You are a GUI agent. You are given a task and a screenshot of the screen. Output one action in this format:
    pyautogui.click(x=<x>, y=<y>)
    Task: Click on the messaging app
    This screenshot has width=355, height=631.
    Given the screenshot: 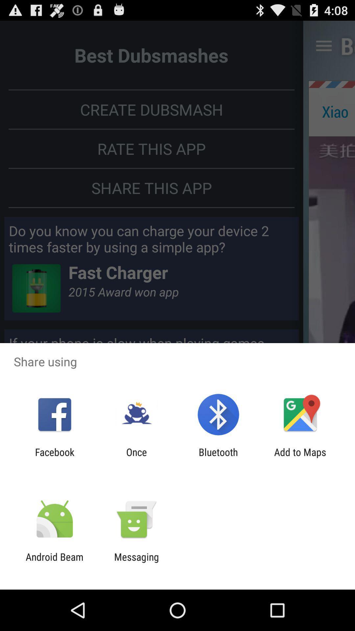 What is the action you would take?
    pyautogui.click(x=136, y=562)
    